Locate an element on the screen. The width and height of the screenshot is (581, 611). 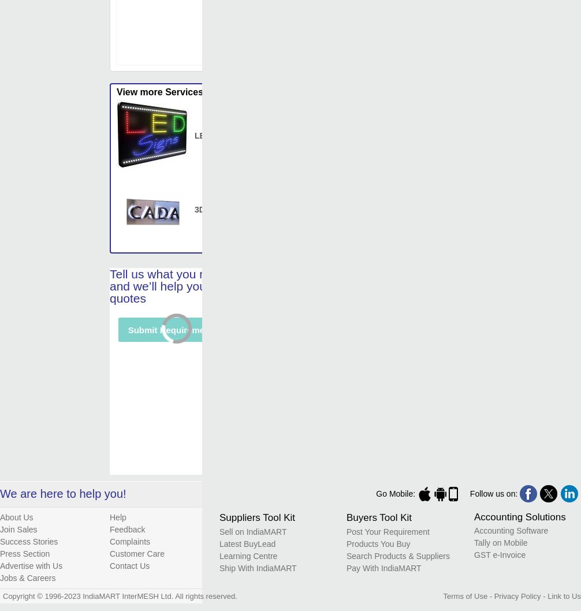
'Is It Waterproof' is located at coordinates (275, 178).